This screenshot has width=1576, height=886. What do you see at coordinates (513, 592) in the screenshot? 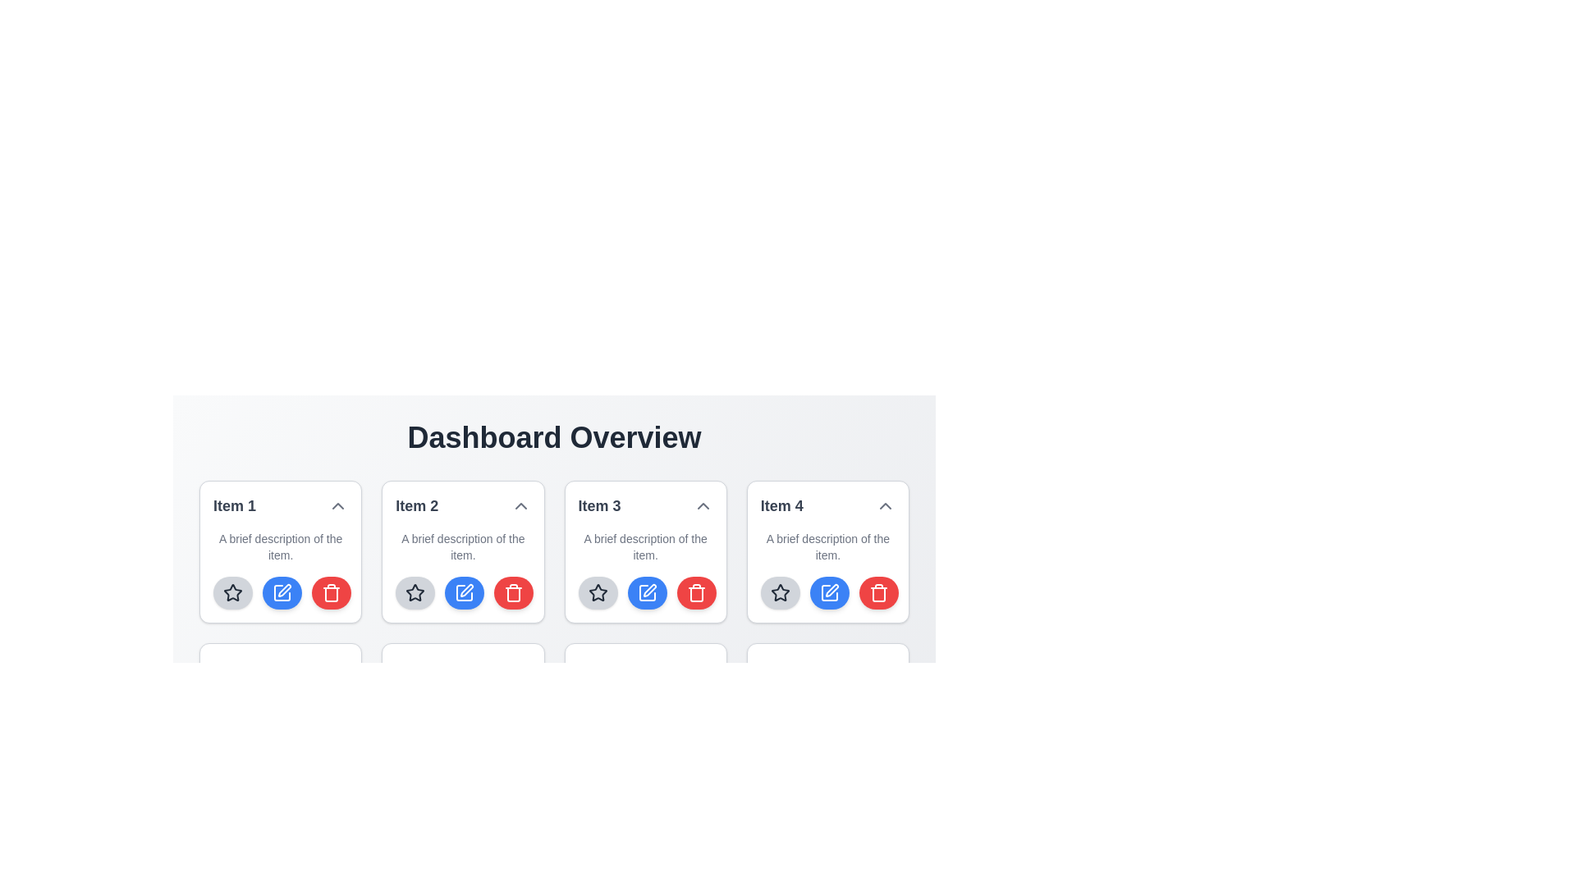
I see `the delete button associated with Item 2, which is the third button in a horizontal arrangement at the bottom-right of the card` at bounding box center [513, 592].